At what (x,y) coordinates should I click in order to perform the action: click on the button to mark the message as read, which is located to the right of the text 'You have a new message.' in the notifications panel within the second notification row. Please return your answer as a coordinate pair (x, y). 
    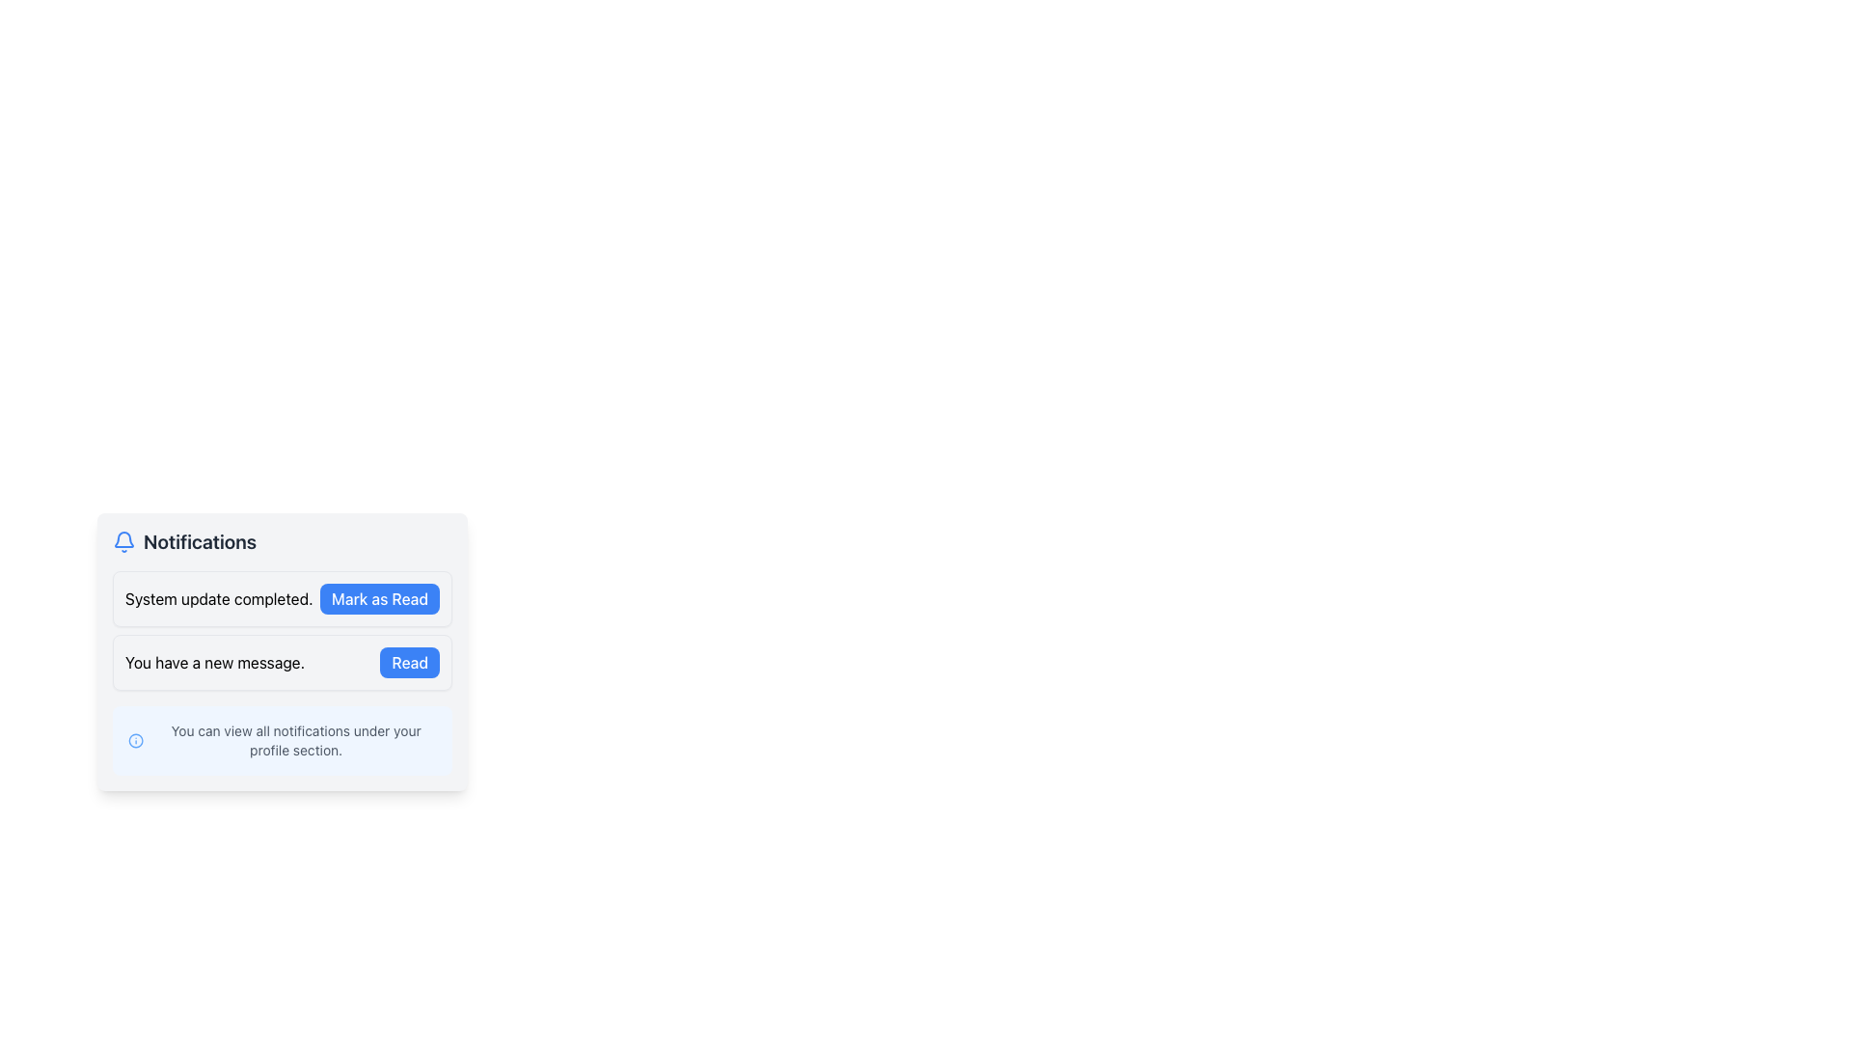
    Looking at the image, I should click on (409, 661).